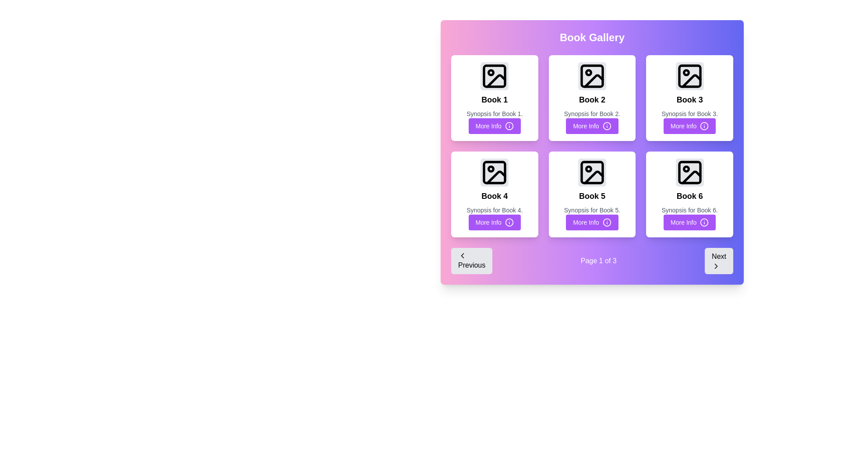 The image size is (841, 473). Describe the element at coordinates (686, 72) in the screenshot. I see `the small circle indicating status within the placeholder image of the 'Book 3' card located in the top-right corner` at that location.